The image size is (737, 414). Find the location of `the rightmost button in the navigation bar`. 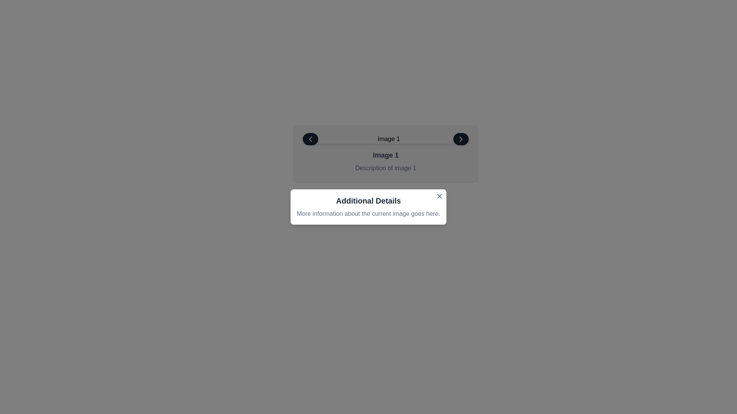

the rightmost button in the navigation bar is located at coordinates (461, 139).